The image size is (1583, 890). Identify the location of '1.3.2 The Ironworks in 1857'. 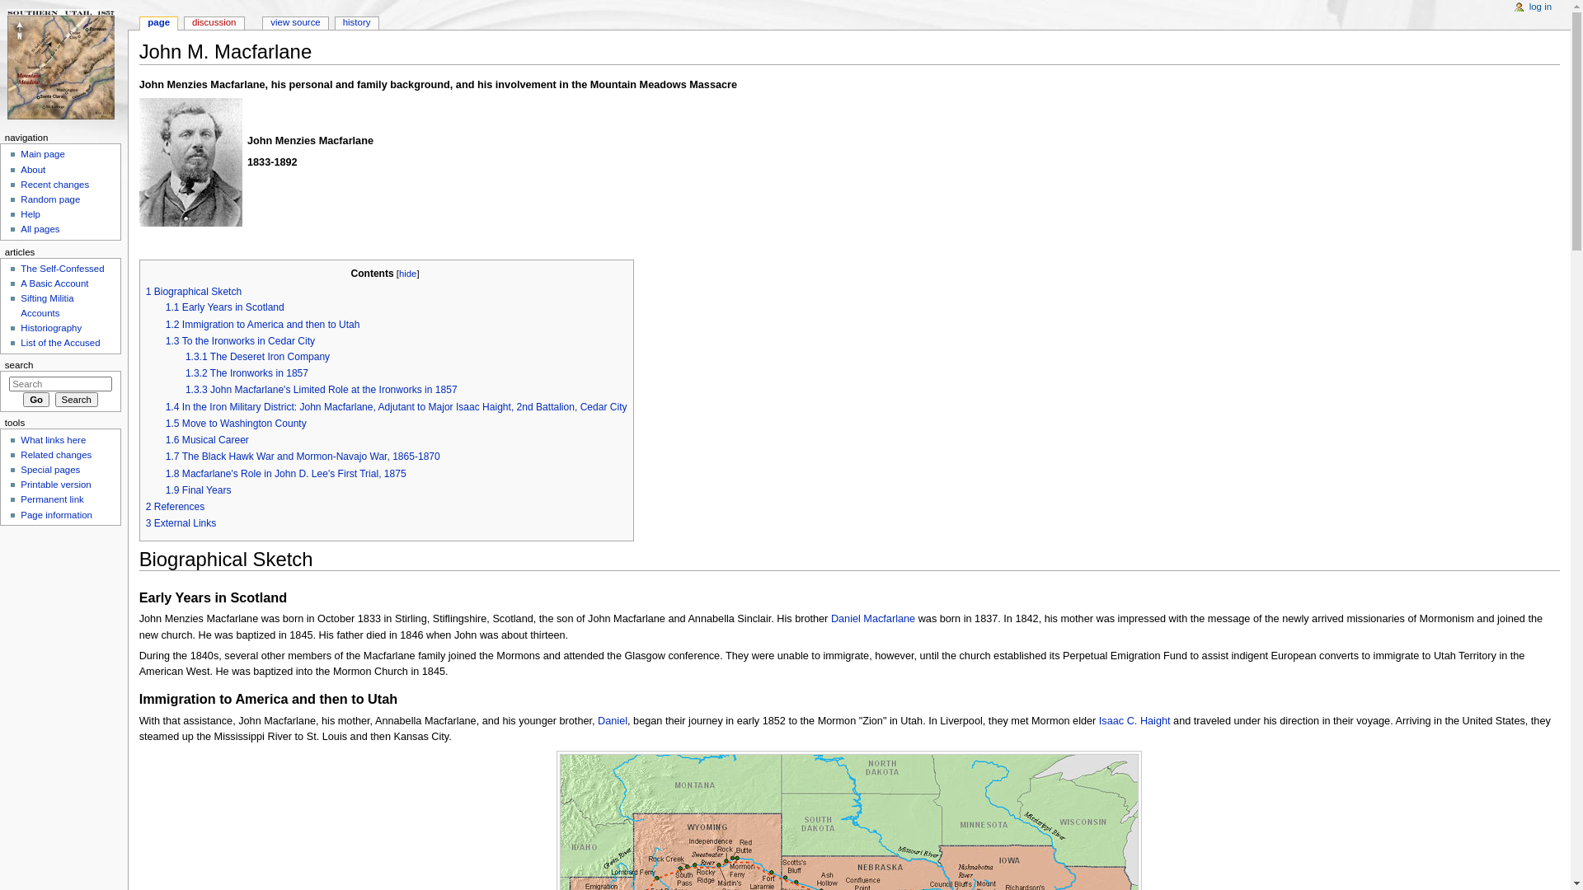
(186, 372).